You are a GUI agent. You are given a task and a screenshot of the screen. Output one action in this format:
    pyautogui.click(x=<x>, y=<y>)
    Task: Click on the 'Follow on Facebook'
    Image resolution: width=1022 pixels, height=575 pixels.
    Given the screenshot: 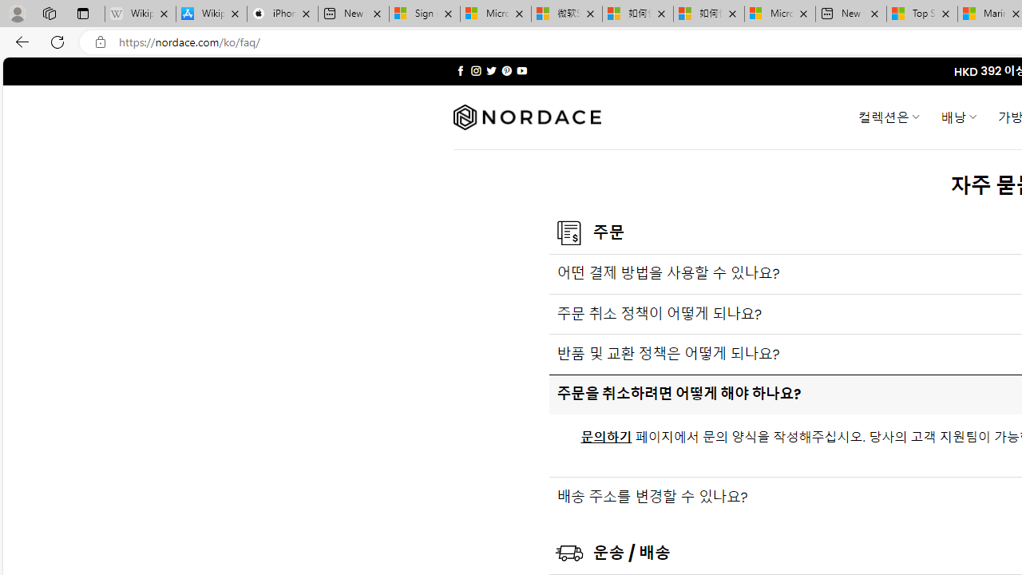 What is the action you would take?
    pyautogui.click(x=460, y=70)
    